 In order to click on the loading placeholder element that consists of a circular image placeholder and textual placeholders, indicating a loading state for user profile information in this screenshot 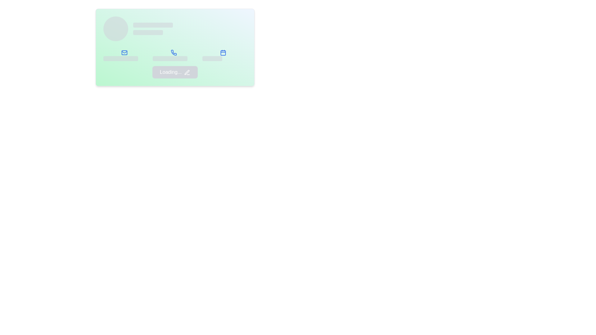, I will do `click(175, 29)`.